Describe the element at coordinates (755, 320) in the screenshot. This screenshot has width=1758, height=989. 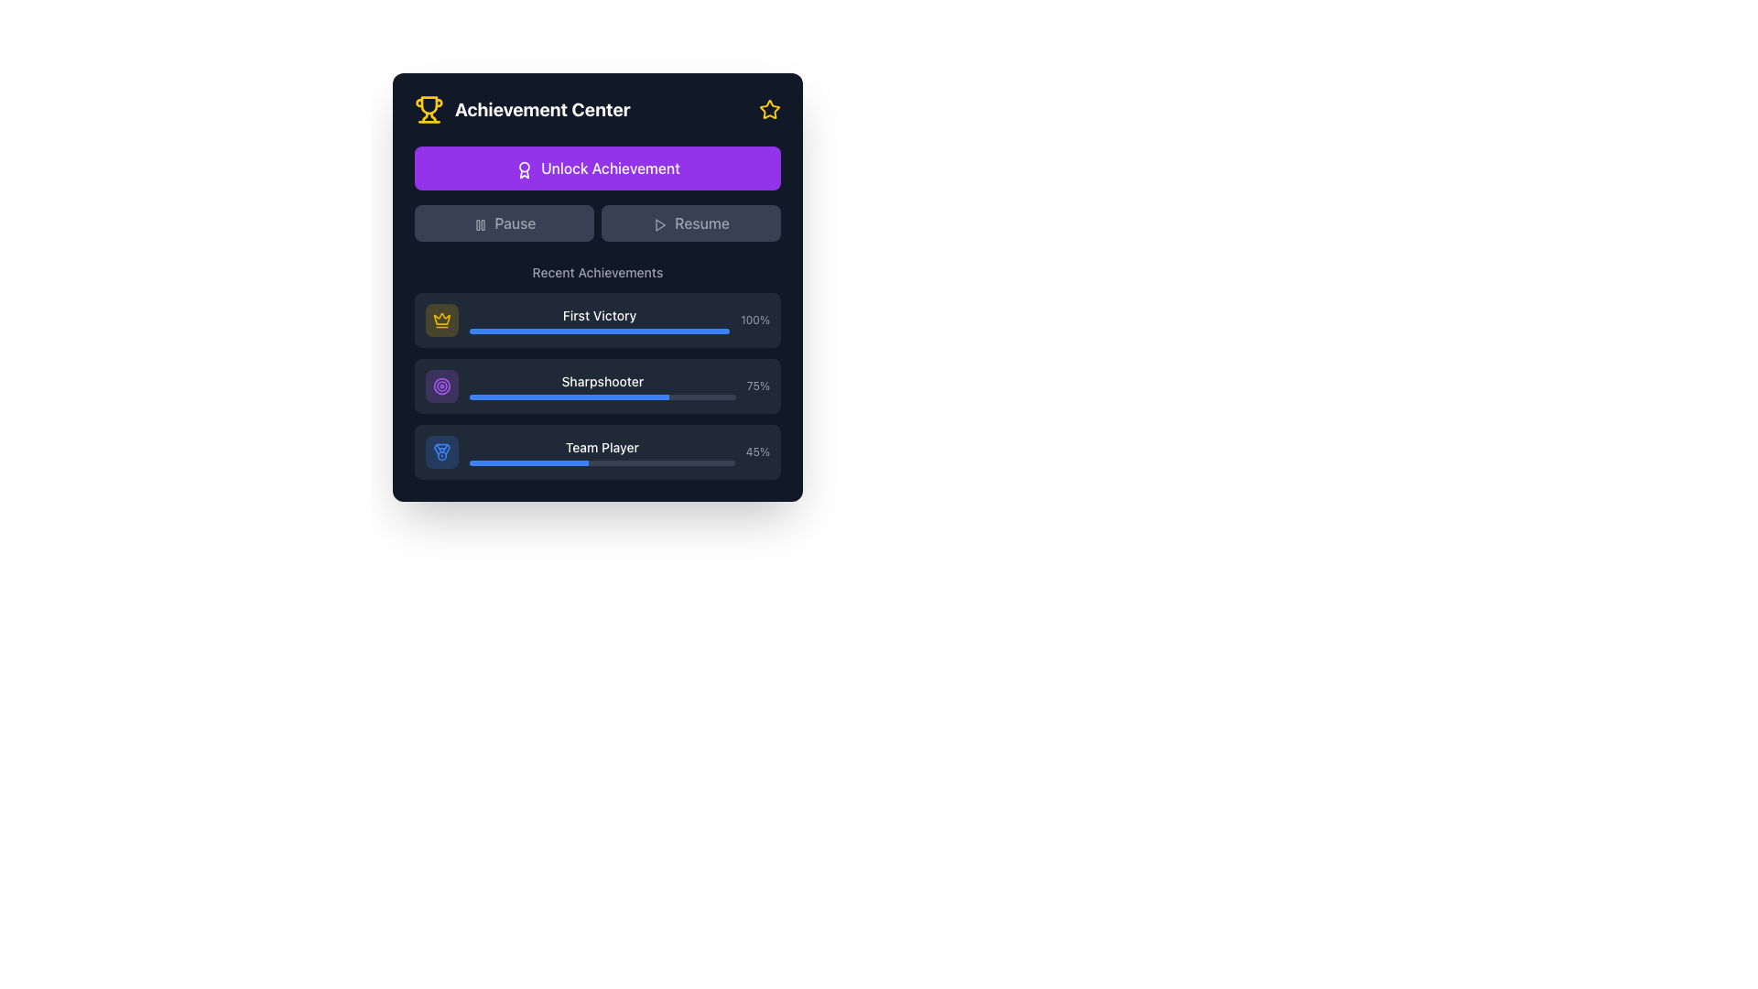
I see `the text label displaying '100%' in light gray color, which is part of the progress display for the 'First Victory' achievement within the 'Achievement Center' panel` at that location.